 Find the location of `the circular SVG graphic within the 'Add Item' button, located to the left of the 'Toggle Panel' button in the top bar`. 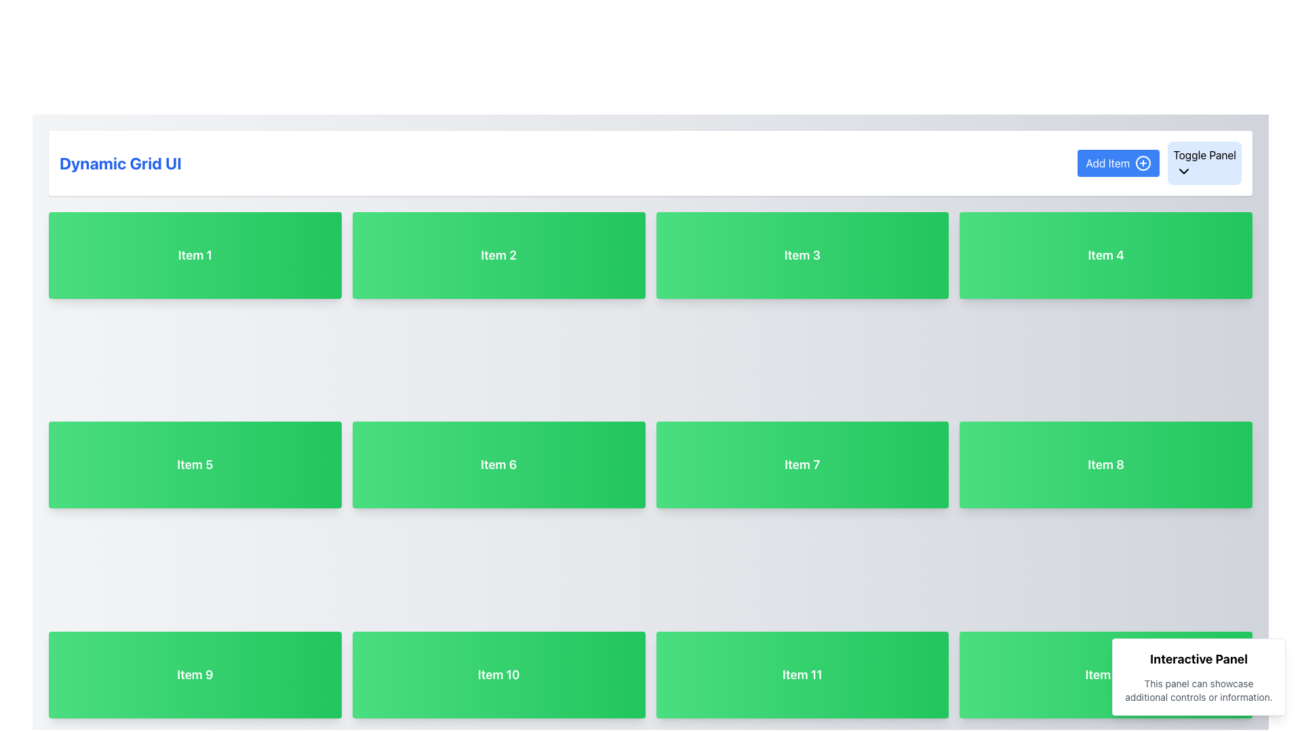

the circular SVG graphic within the 'Add Item' button, located to the left of the 'Toggle Panel' button in the top bar is located at coordinates (1143, 162).